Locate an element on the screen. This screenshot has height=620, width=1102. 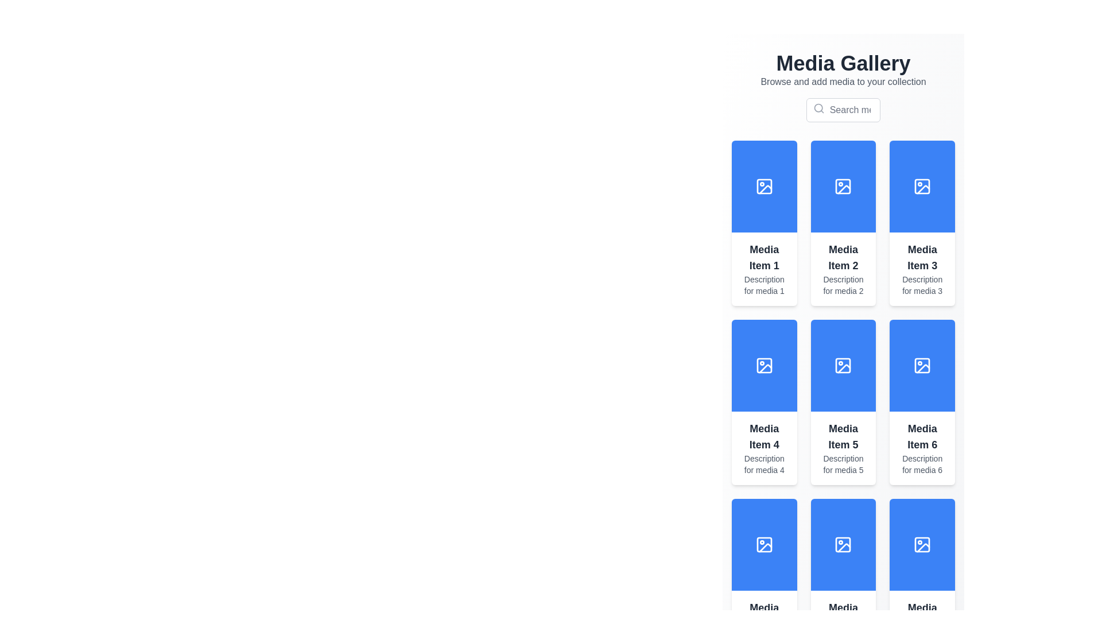
the Decorative media placeholder, which is a blue rectangular section with rounded corners at the top of the ninth card in the grid layout, featuring a centered white outlined picture frame icon is located at coordinates (843, 544).